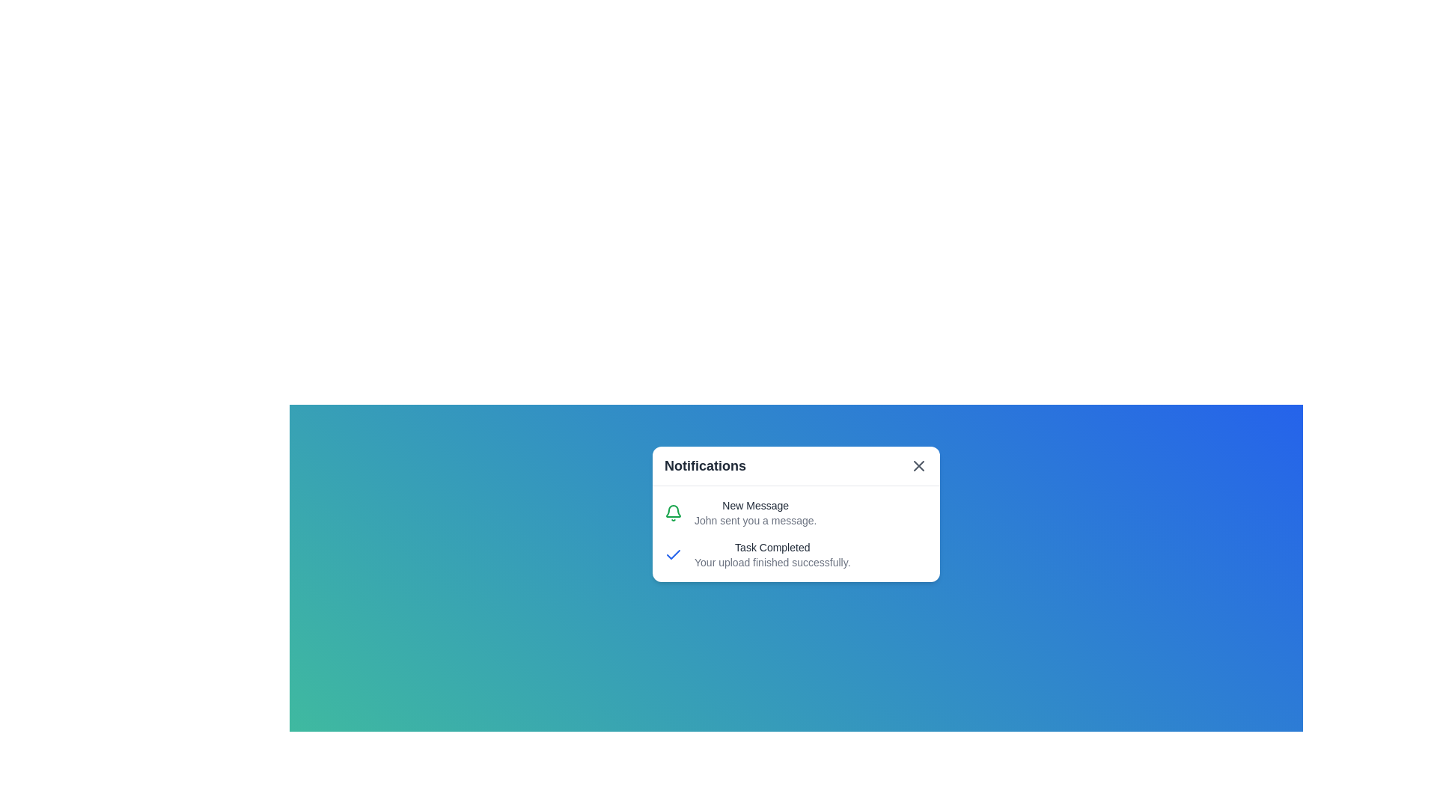 This screenshot has height=808, width=1437. Describe the element at coordinates (918, 465) in the screenshot. I see `the dark gray cross icon located at the top-right corner of the 'Notifications' card` at that location.